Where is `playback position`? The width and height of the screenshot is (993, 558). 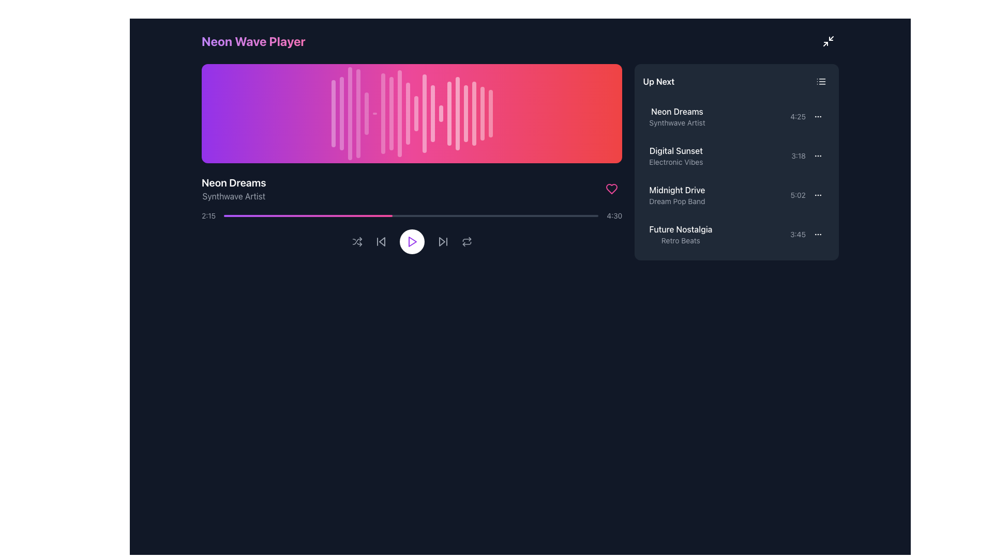 playback position is located at coordinates (348, 215).